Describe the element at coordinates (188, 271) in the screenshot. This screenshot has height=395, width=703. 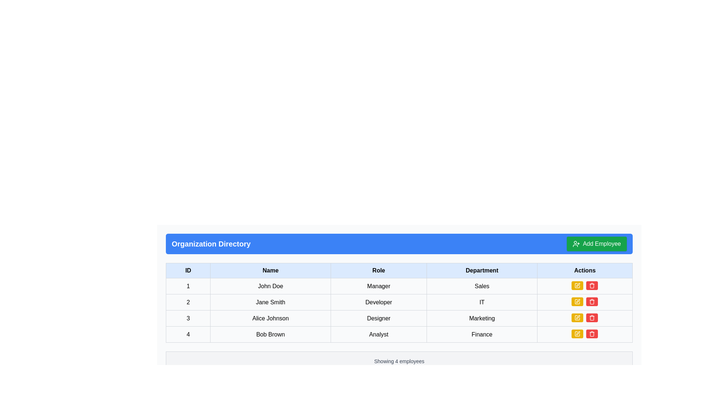
I see `the Table Header Cell labeled 'ID', which is the first column header in the organization directory table, featuring a light blue background and bold black text` at that location.